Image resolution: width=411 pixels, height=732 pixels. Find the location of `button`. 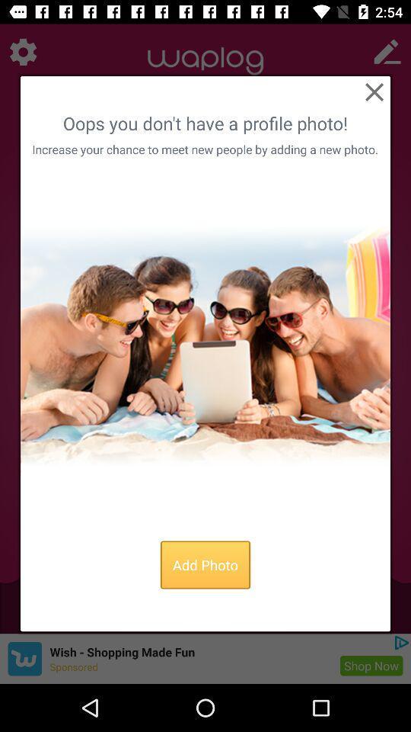

button is located at coordinates (373, 91).